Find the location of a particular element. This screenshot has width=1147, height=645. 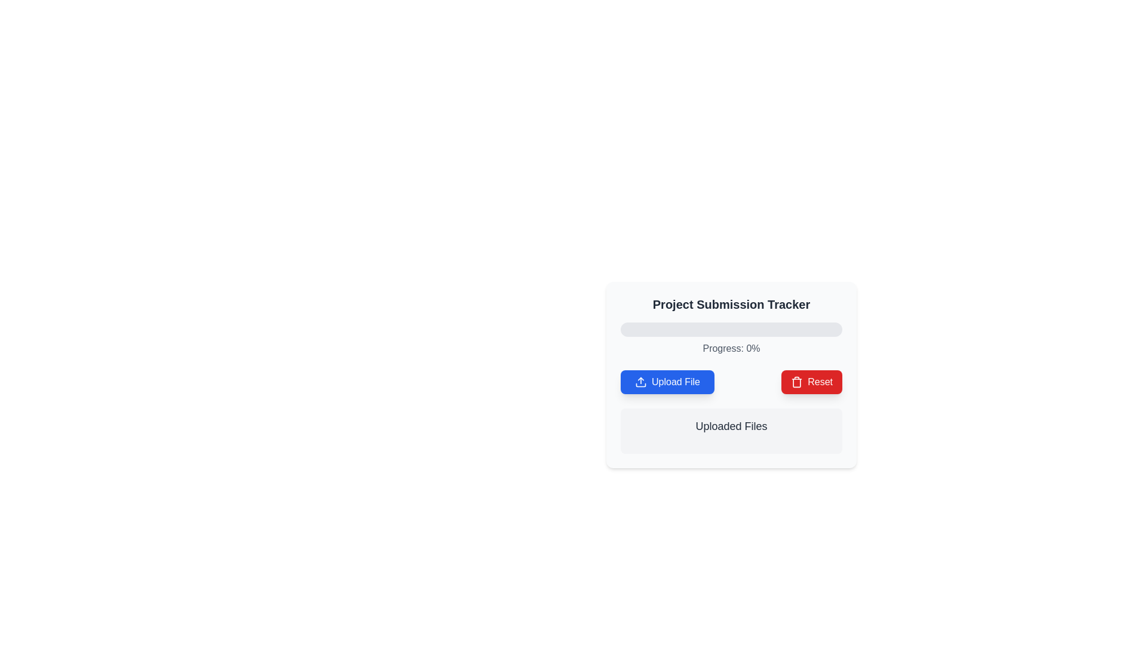

the trash can icon that is part of the 'Reset' button, which has a red background and is located to the right of the 'Upload File' button is located at coordinates (797, 382).